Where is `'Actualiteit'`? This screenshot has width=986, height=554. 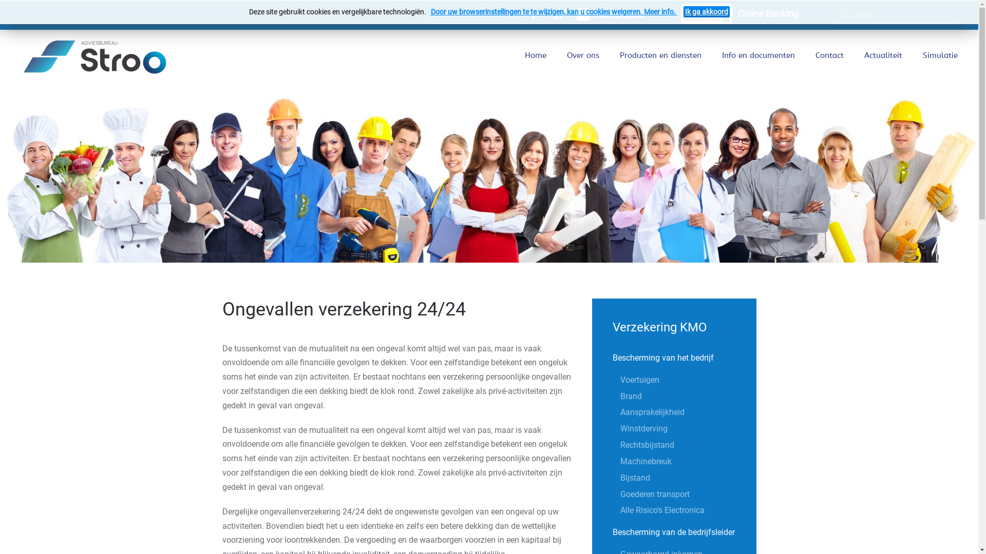
'Actualiteit' is located at coordinates (864, 55).